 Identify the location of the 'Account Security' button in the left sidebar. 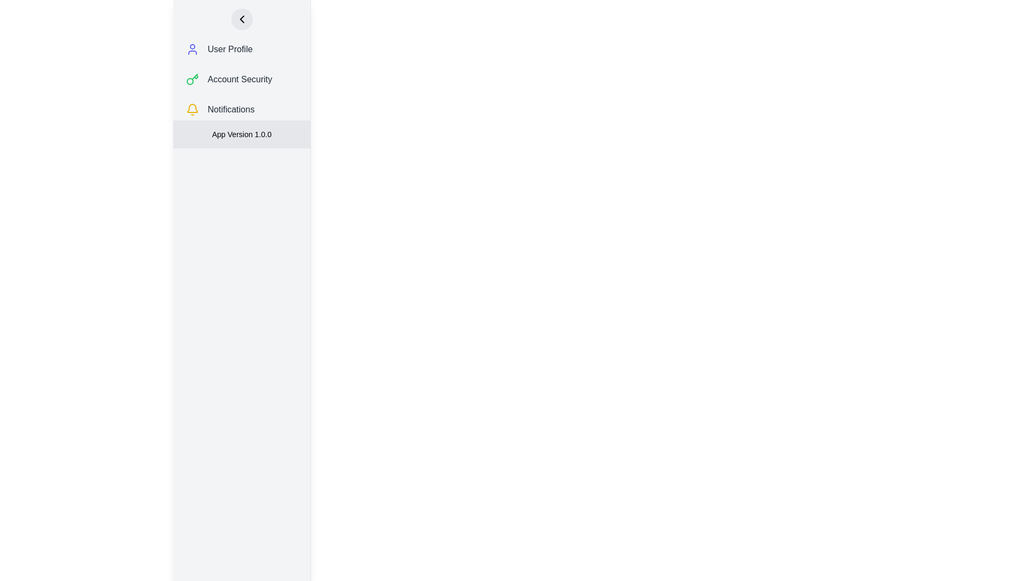
(241, 79).